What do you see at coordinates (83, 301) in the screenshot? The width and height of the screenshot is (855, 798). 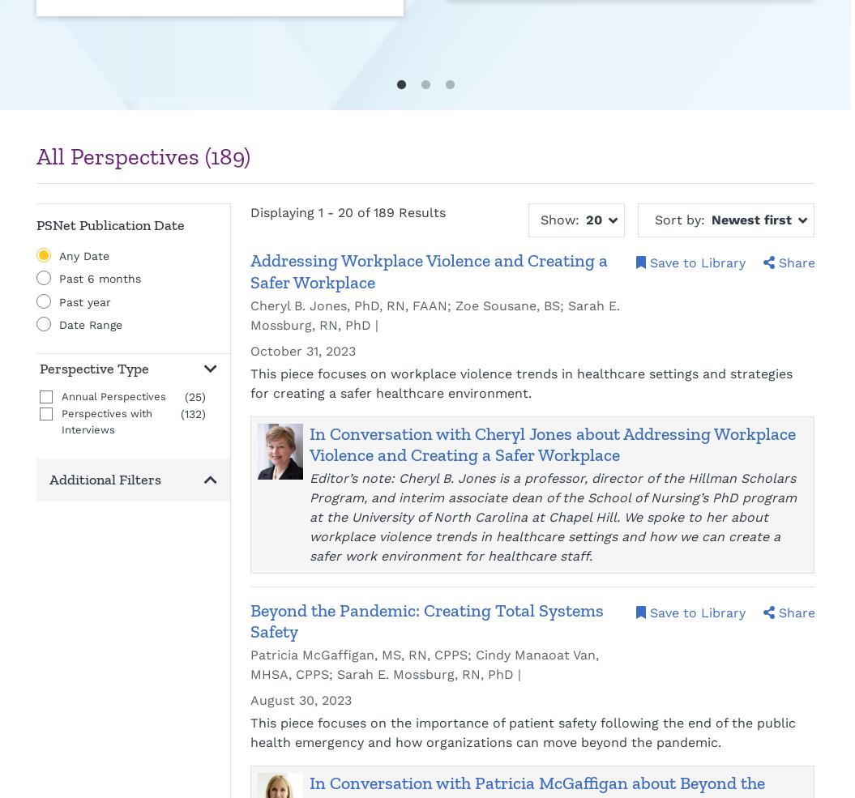 I see `'Past year'` at bounding box center [83, 301].